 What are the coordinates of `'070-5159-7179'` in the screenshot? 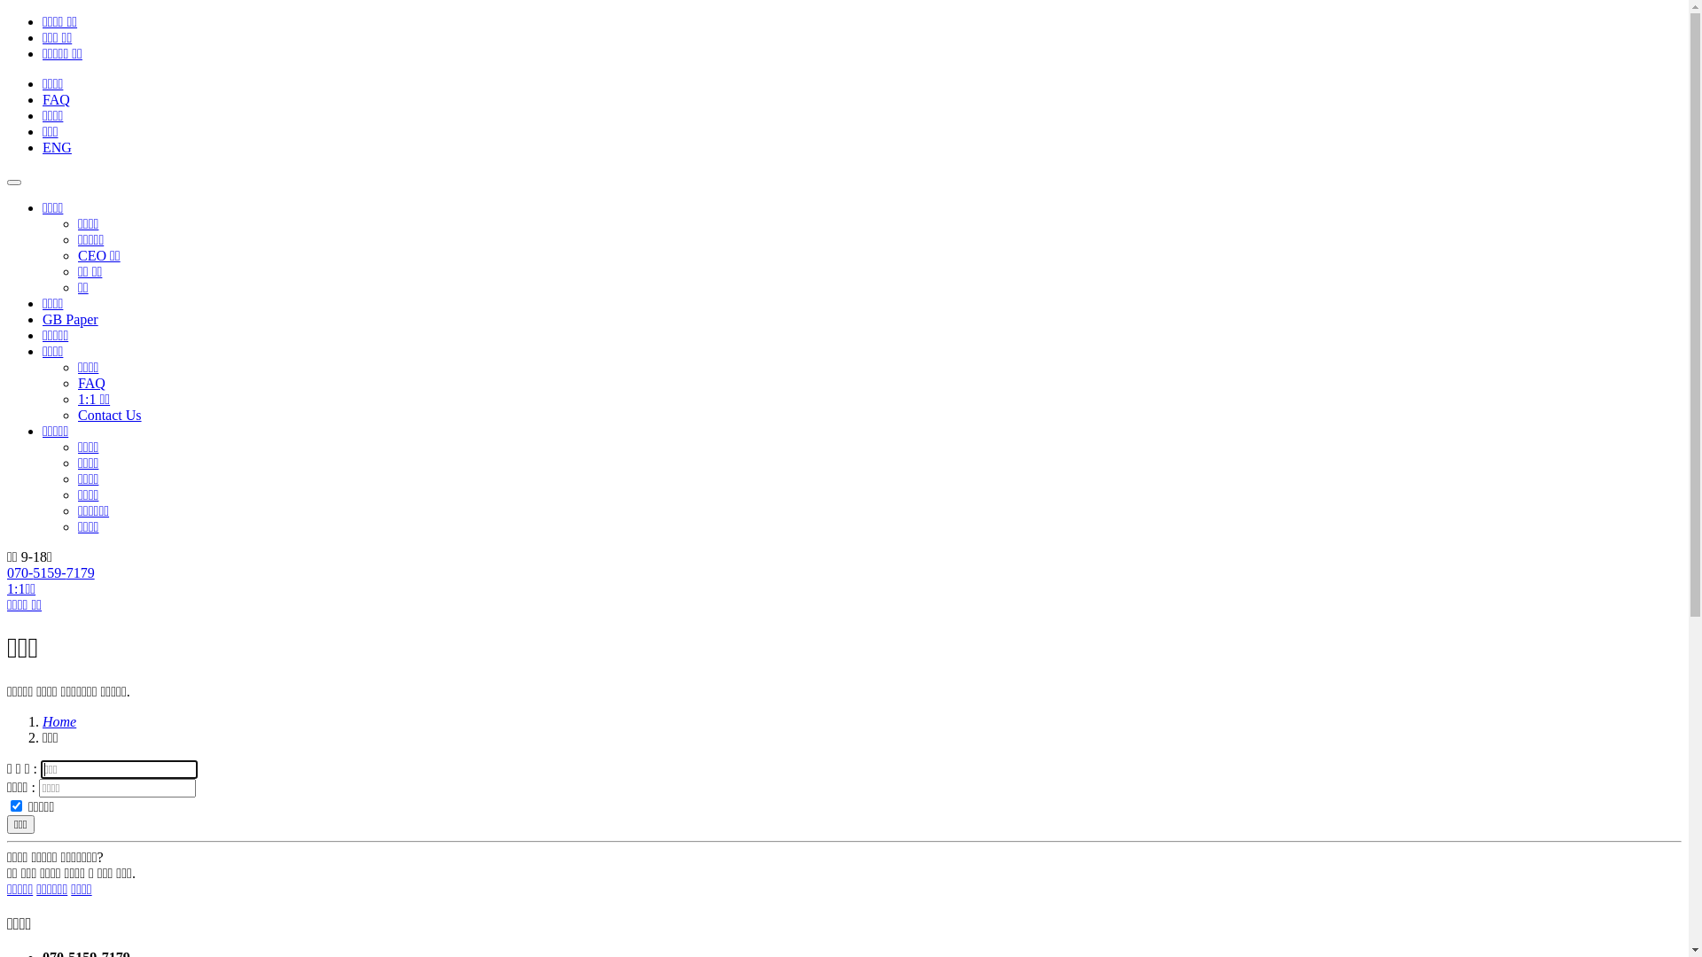 It's located at (51, 572).